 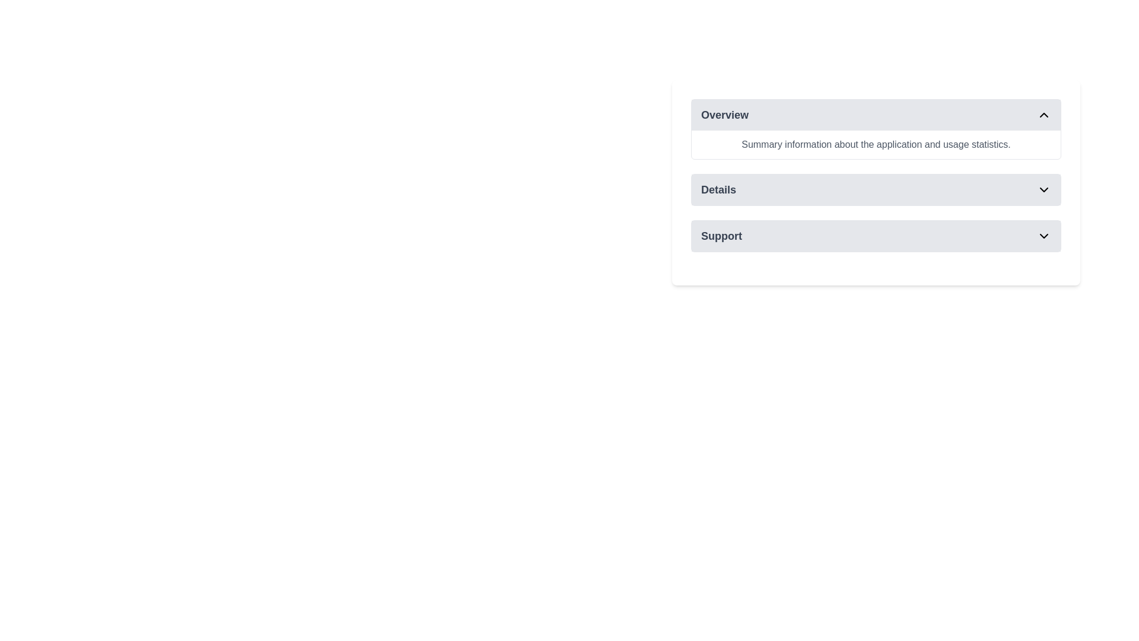 I want to click on the text label displaying 'Summary information about the application and usage statistics.', which is located directly beneath the 'Overview' section header, so click(x=876, y=144).